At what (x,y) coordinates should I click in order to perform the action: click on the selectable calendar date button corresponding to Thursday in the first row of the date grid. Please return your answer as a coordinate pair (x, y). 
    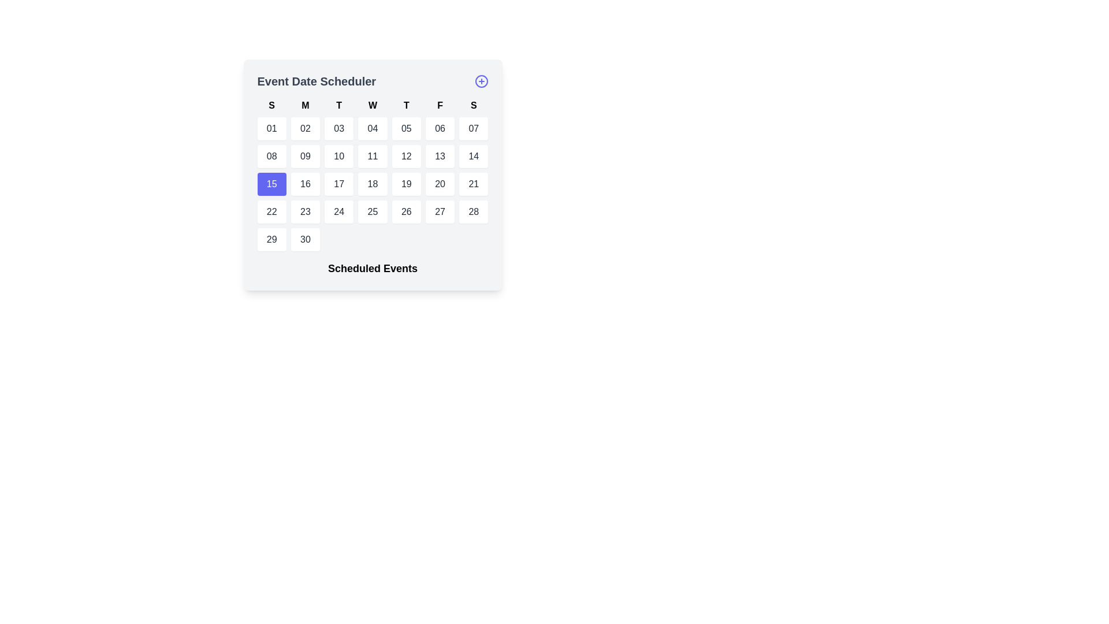
    Looking at the image, I should click on (406, 129).